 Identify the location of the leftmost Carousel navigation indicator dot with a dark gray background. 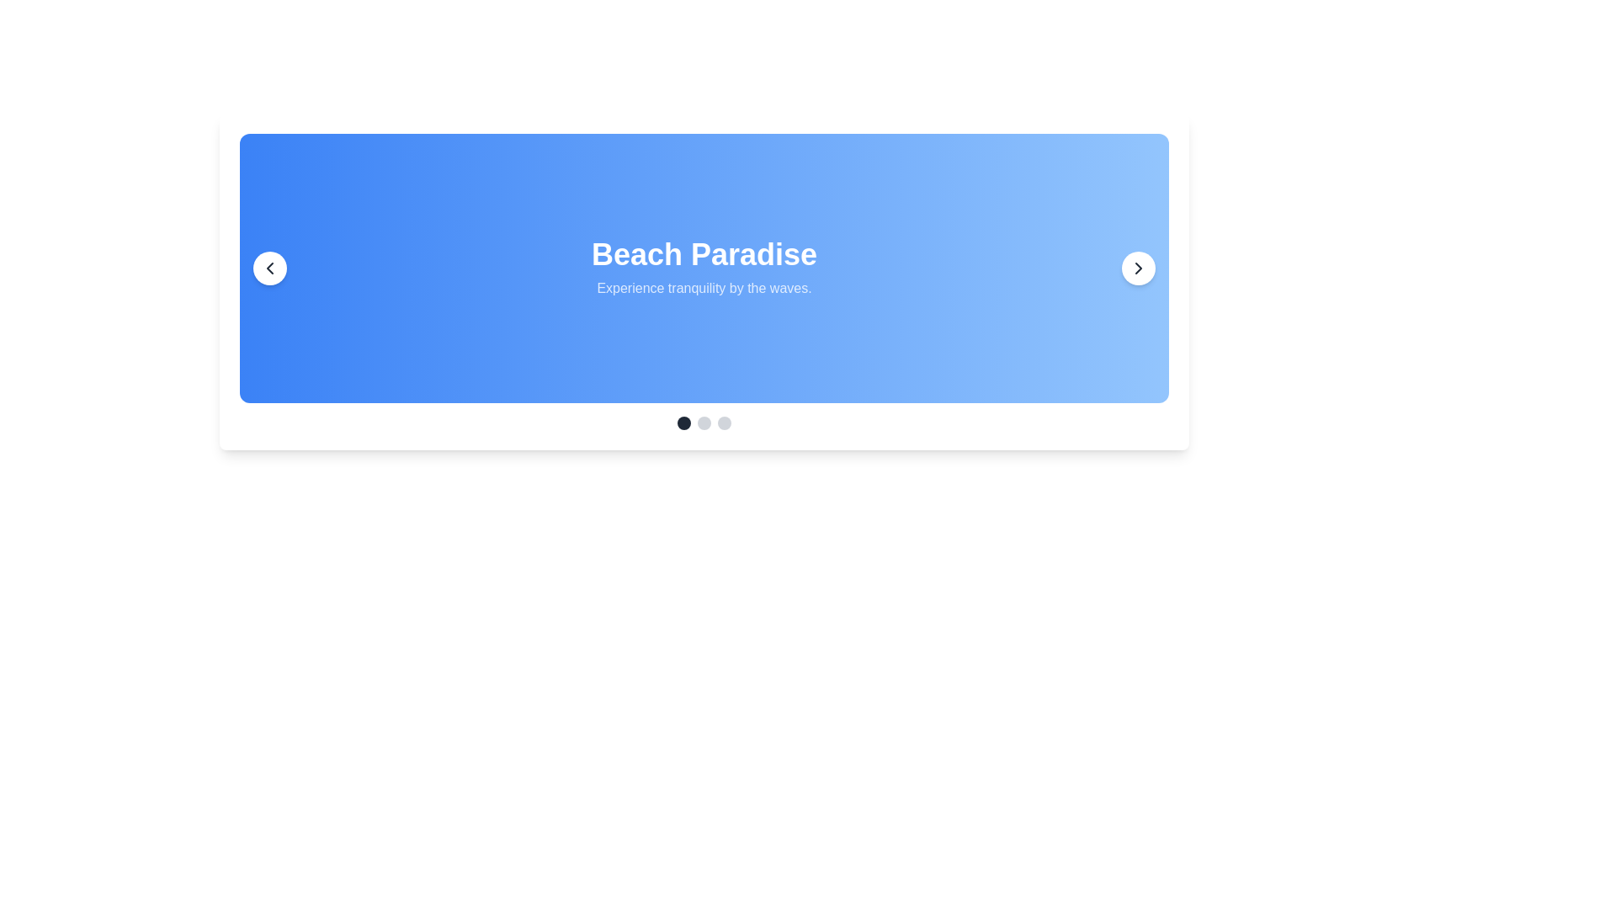
(683, 422).